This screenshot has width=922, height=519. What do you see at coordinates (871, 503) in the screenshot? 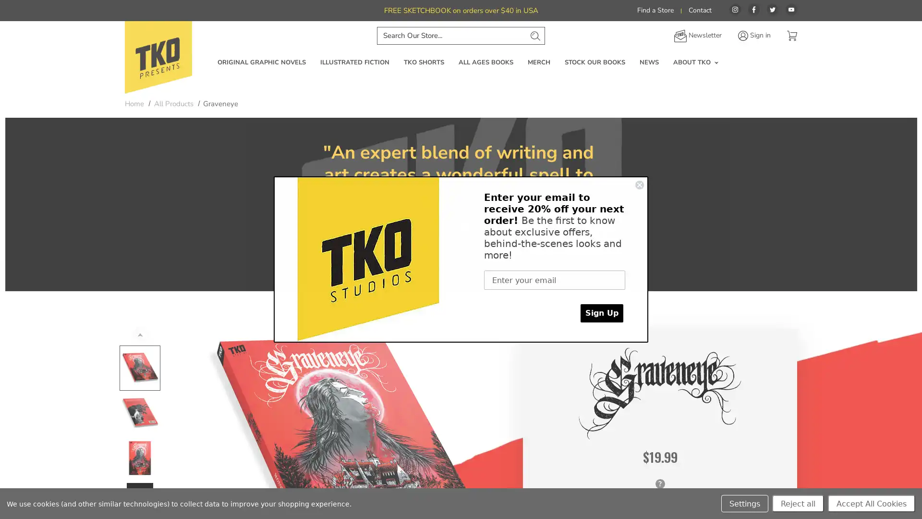
I see `Accept All Cookies` at bounding box center [871, 503].